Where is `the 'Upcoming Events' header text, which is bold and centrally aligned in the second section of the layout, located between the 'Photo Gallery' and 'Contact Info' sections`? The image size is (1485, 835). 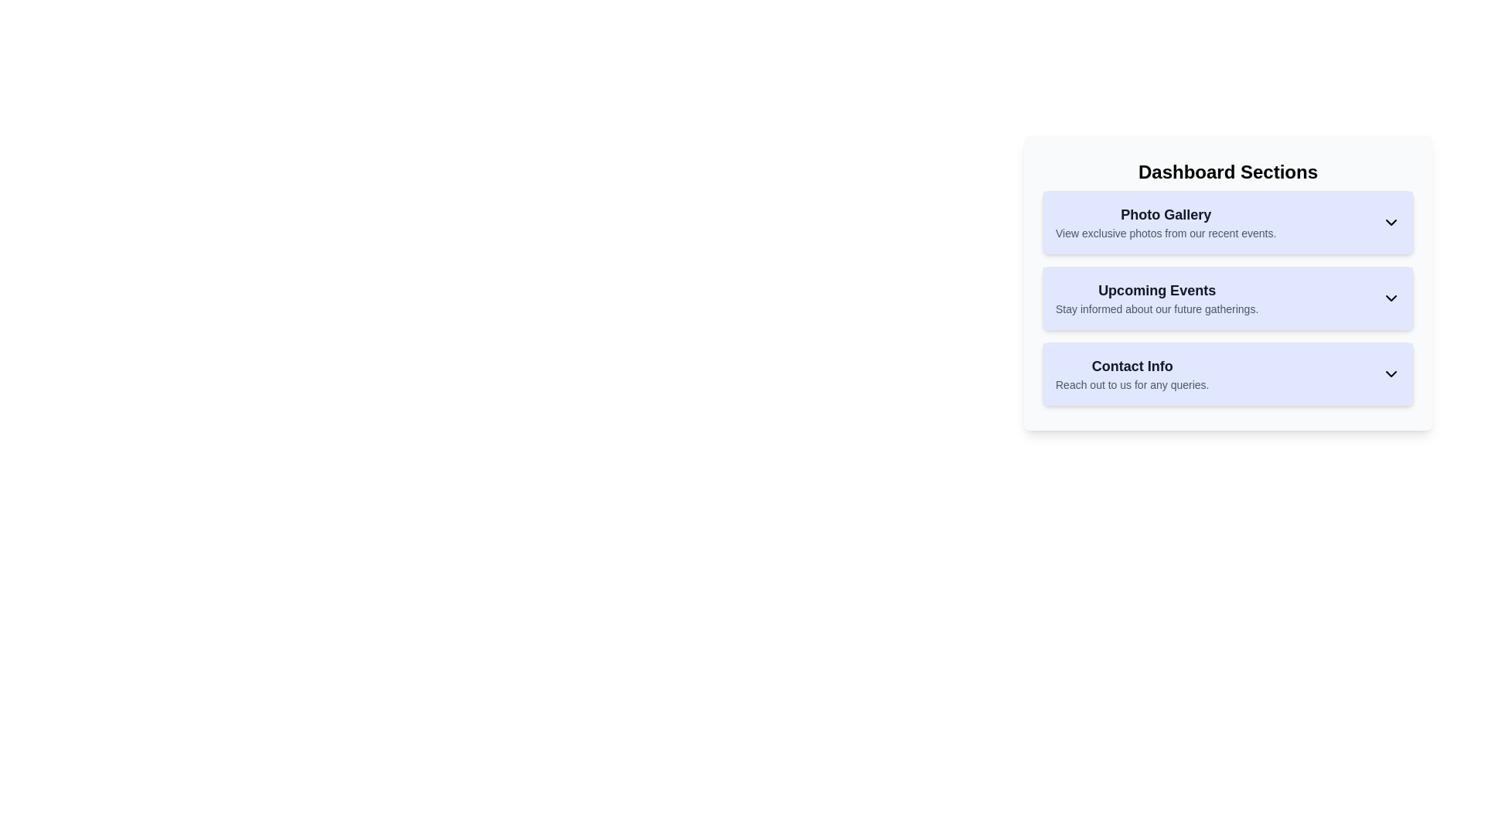
the 'Upcoming Events' header text, which is bold and centrally aligned in the second section of the layout, located between the 'Photo Gallery' and 'Contact Info' sections is located at coordinates (1157, 290).